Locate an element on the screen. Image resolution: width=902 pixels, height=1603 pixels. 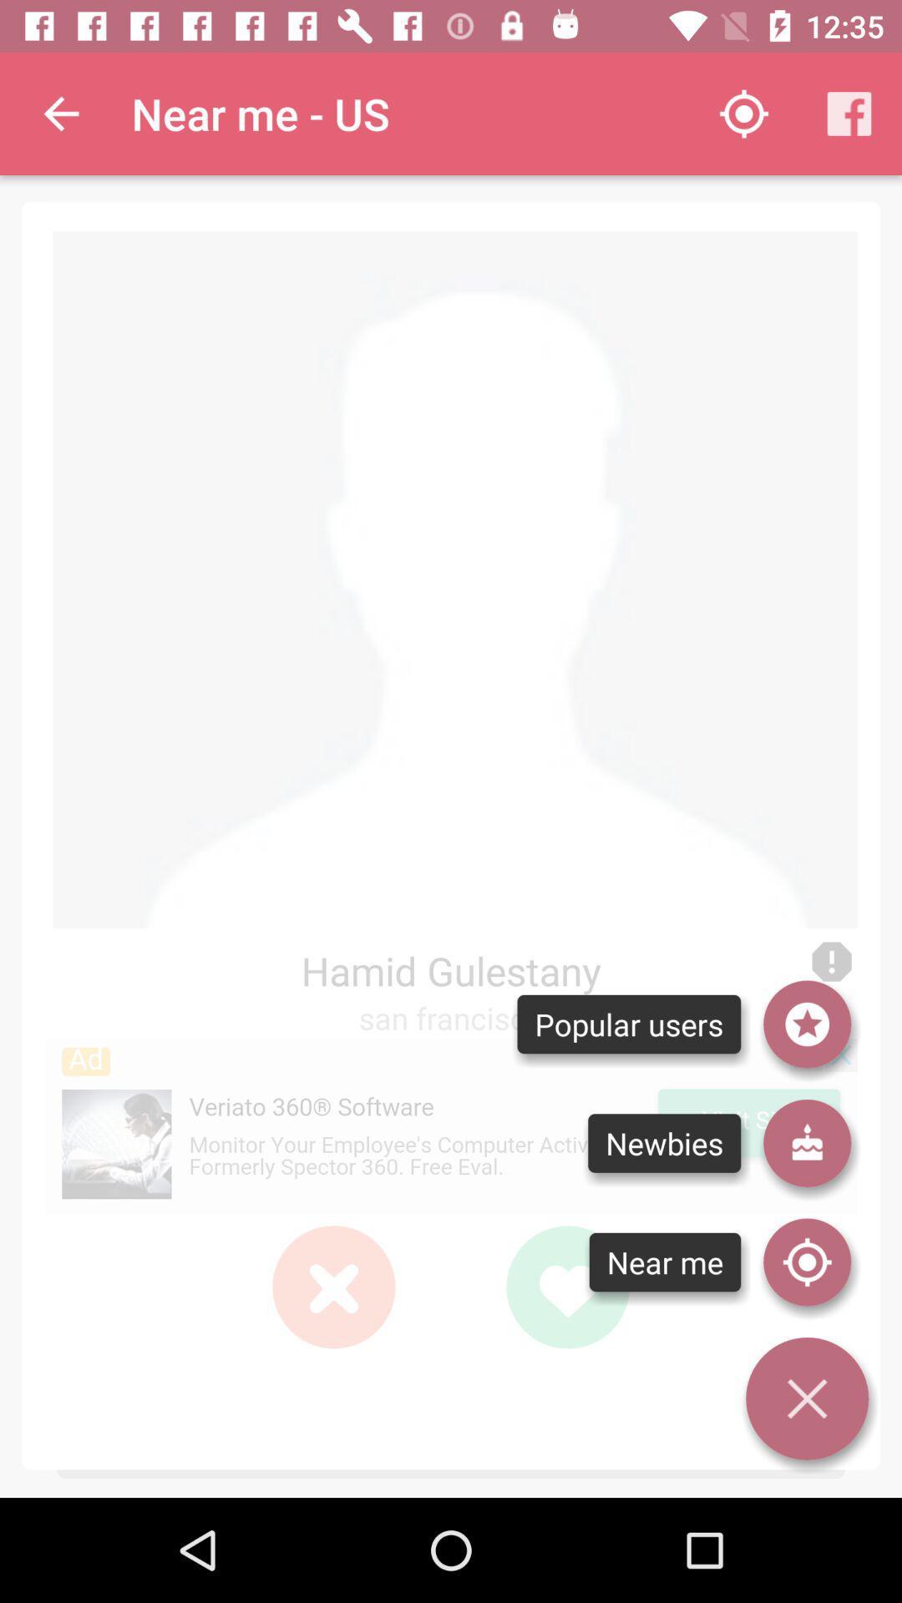
red color cross icon which is left to green color heart shape symbol is located at coordinates (334, 1286).